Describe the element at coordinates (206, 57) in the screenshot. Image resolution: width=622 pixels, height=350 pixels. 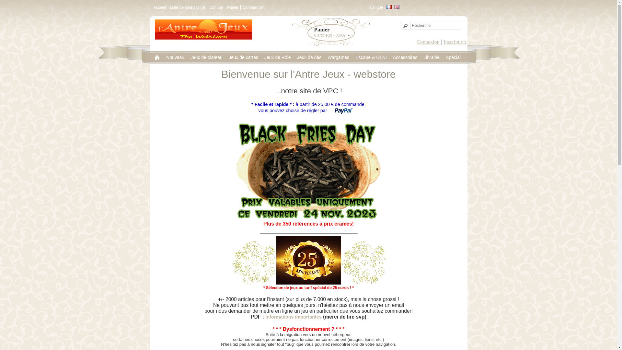
I see `'Jeux de plateau'` at that location.